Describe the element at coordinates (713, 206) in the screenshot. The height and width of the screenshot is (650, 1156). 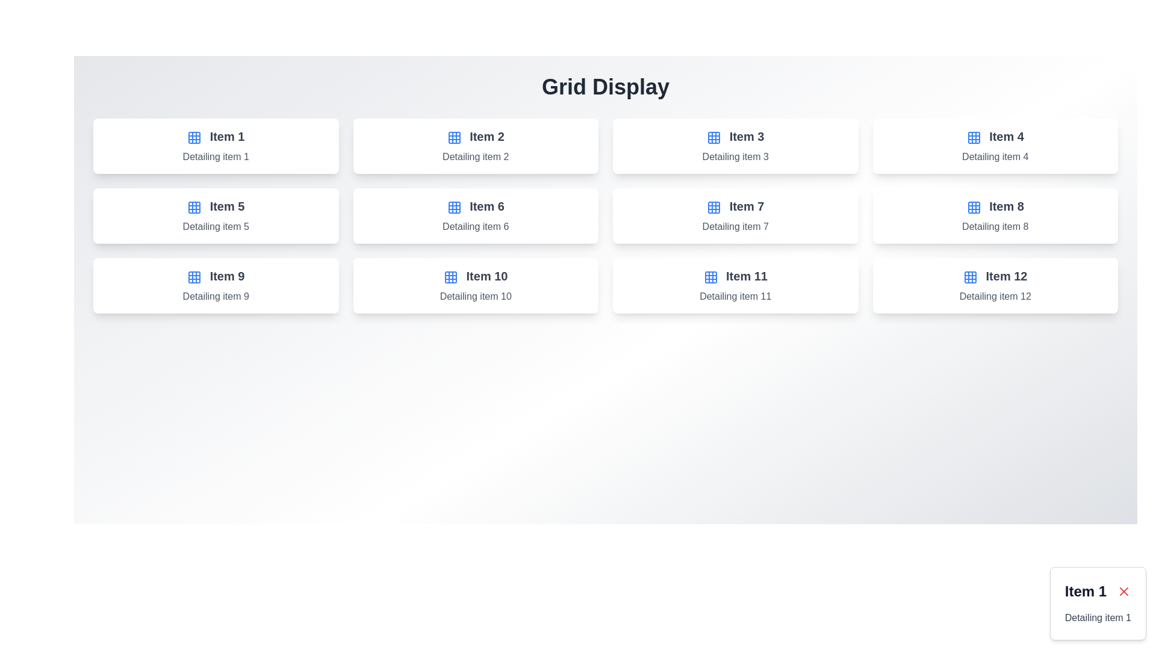
I see `the decorative icon associated with the 'Item 7' label, located in the second row, third column of the grid layout` at that location.